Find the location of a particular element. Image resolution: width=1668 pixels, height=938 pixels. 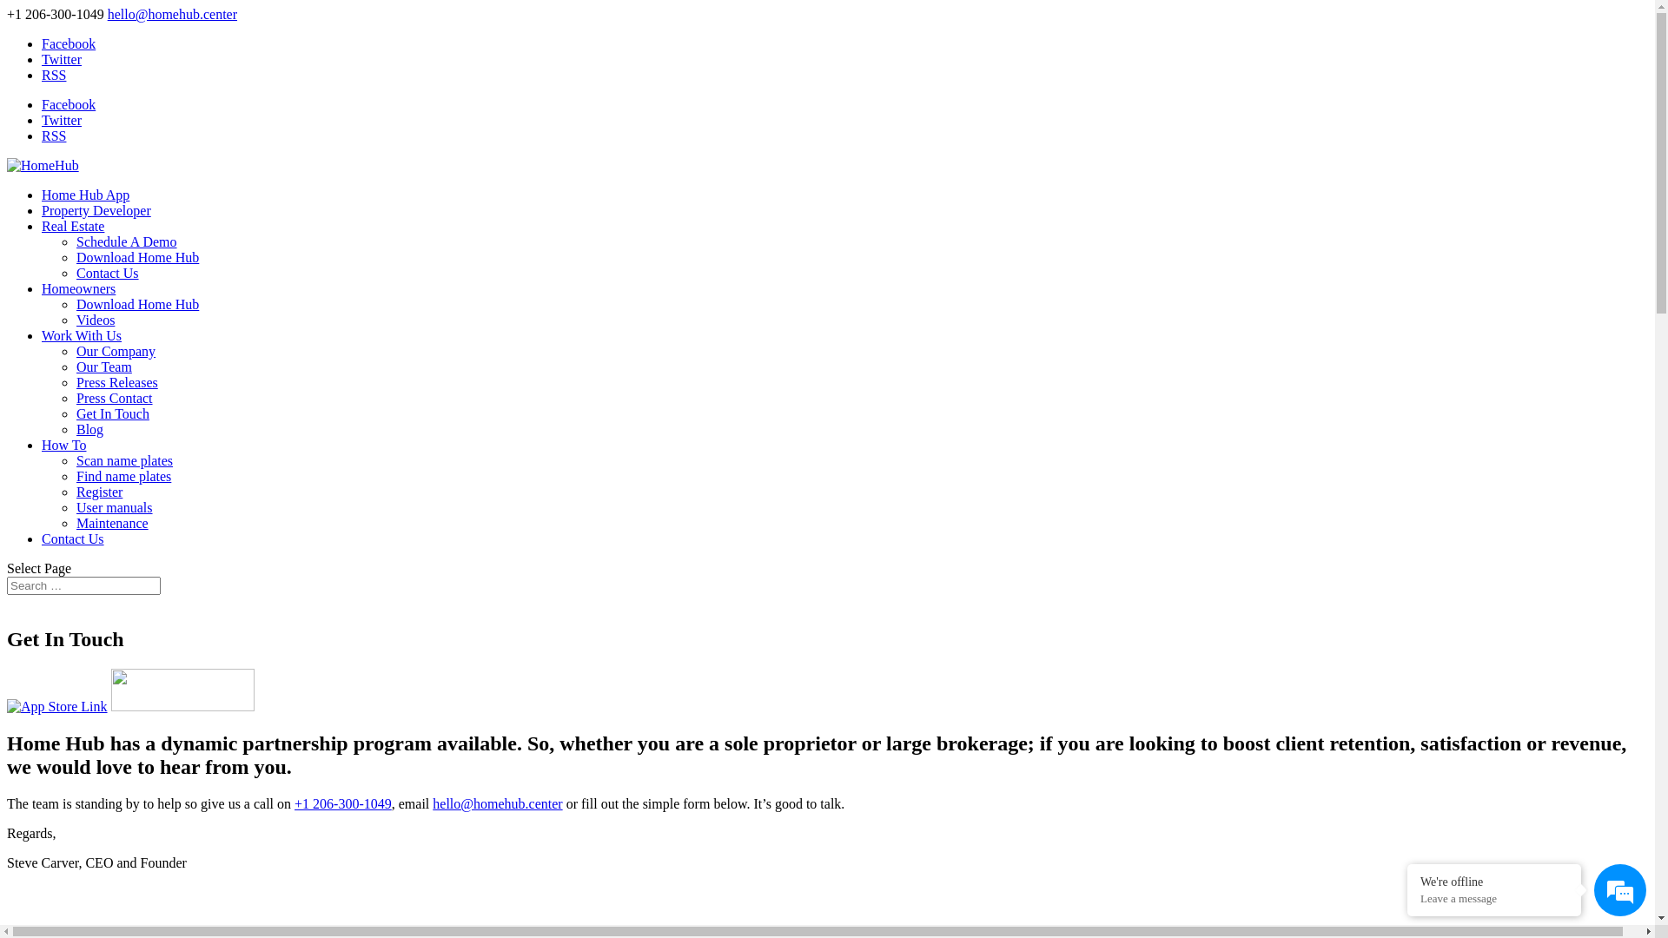

'Our Company' is located at coordinates (115, 351).